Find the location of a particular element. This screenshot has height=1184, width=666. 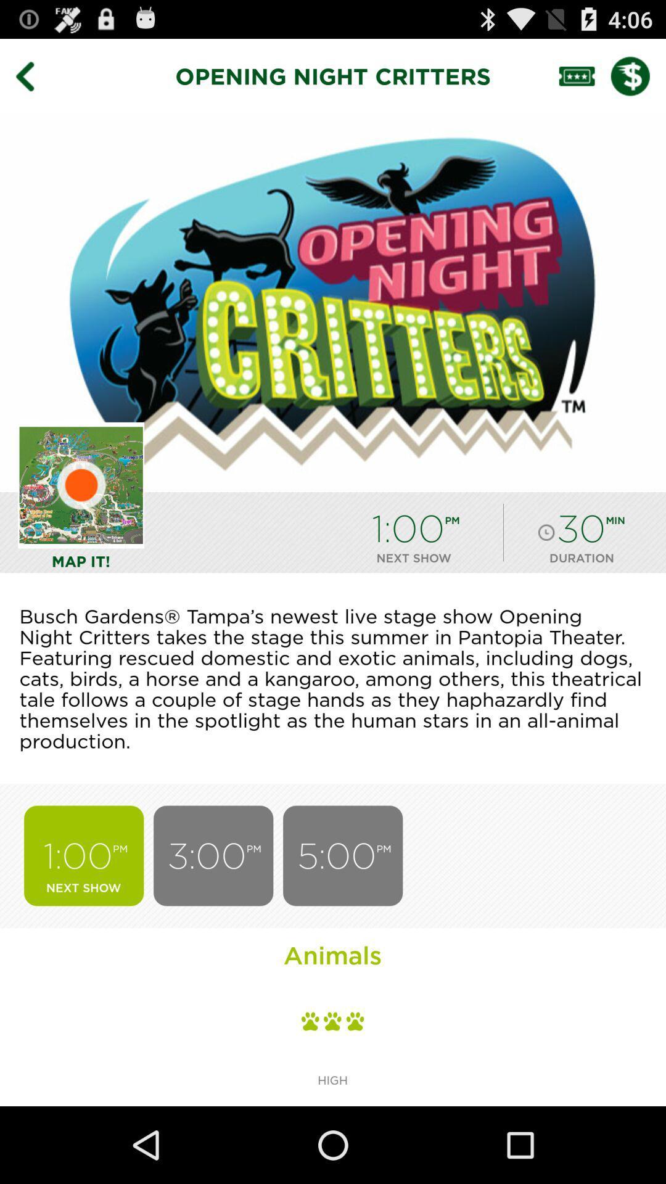

item to the left of opening night critters icon is located at coordinates (33, 75).